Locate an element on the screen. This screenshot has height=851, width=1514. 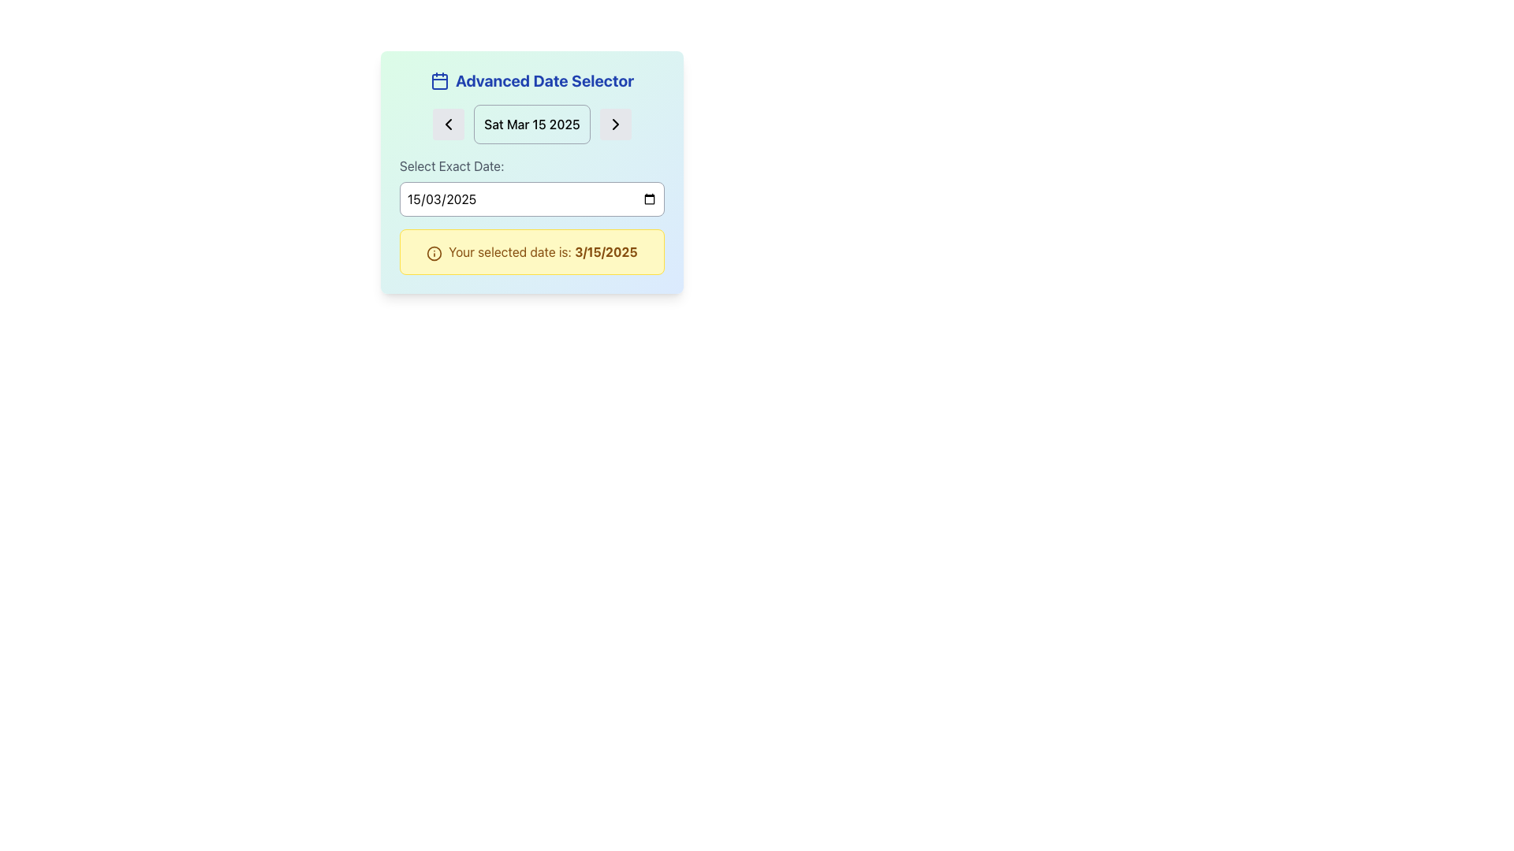
the left-pointing arrow icon located to the left of the current date label in the 'Advanced Date Selector' panel is located at coordinates (448, 124).